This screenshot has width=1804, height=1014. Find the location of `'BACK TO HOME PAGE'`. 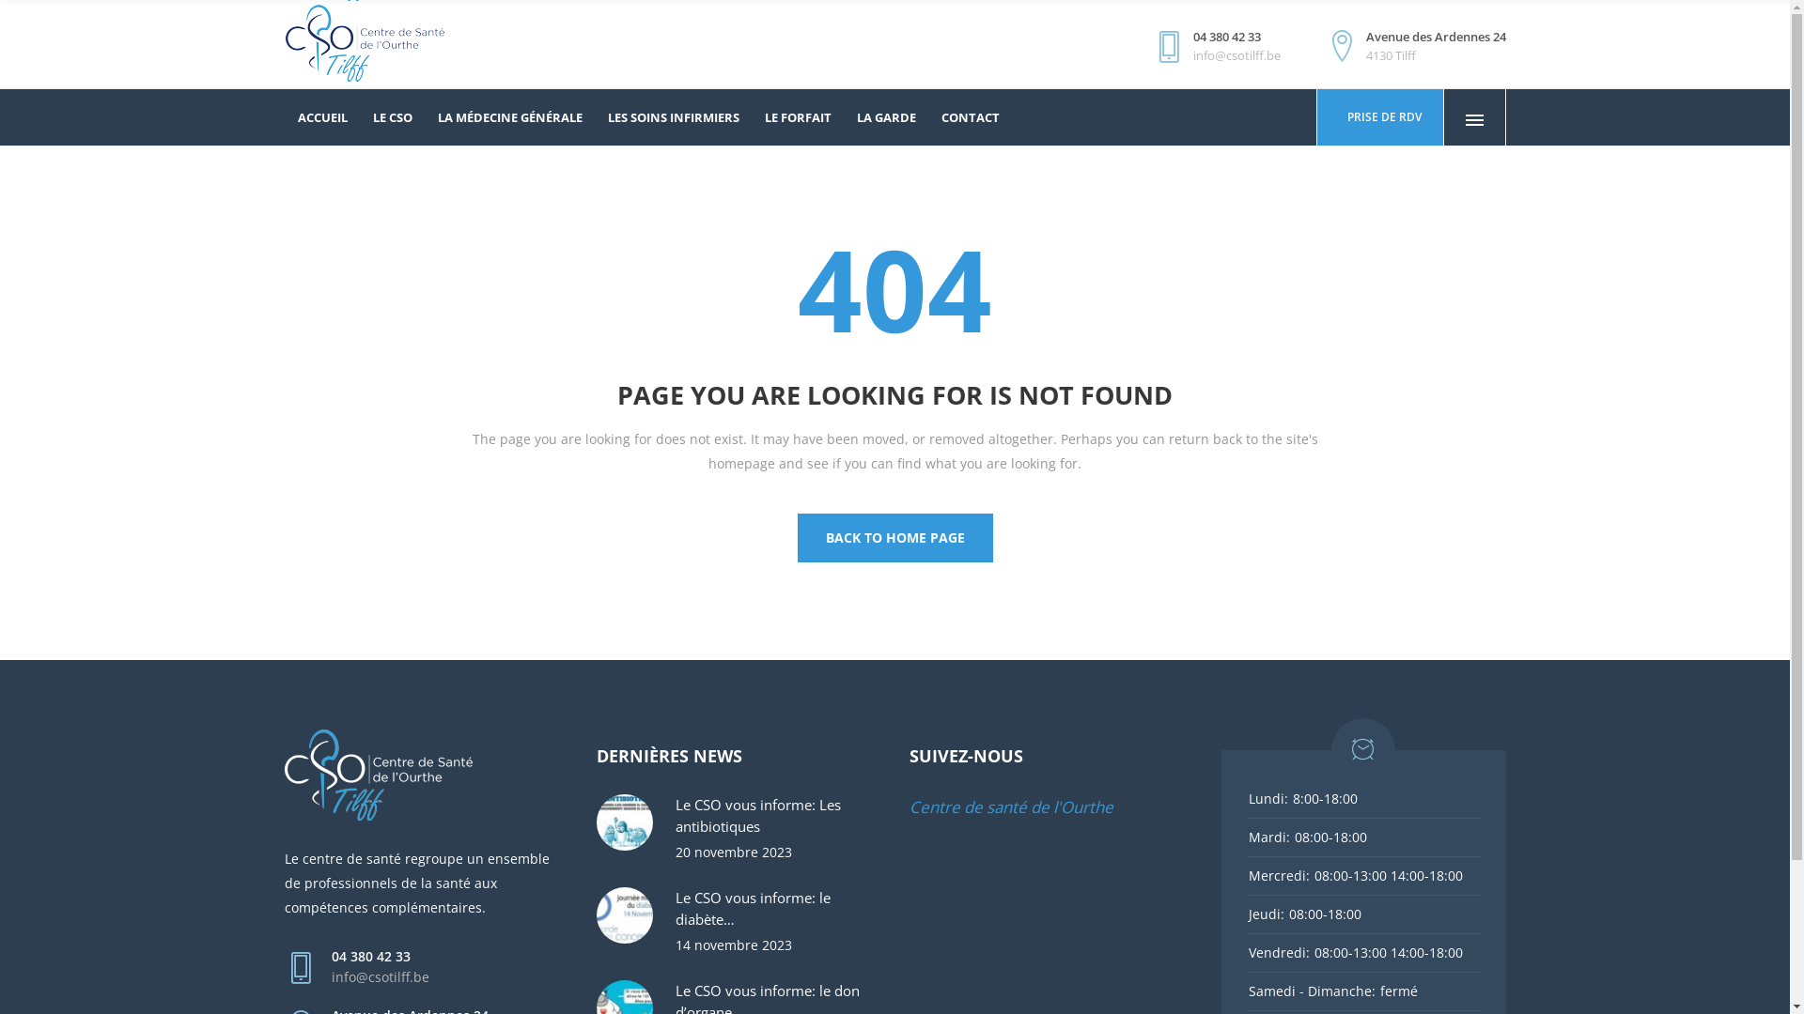

'BACK TO HOME PAGE' is located at coordinates (893, 538).